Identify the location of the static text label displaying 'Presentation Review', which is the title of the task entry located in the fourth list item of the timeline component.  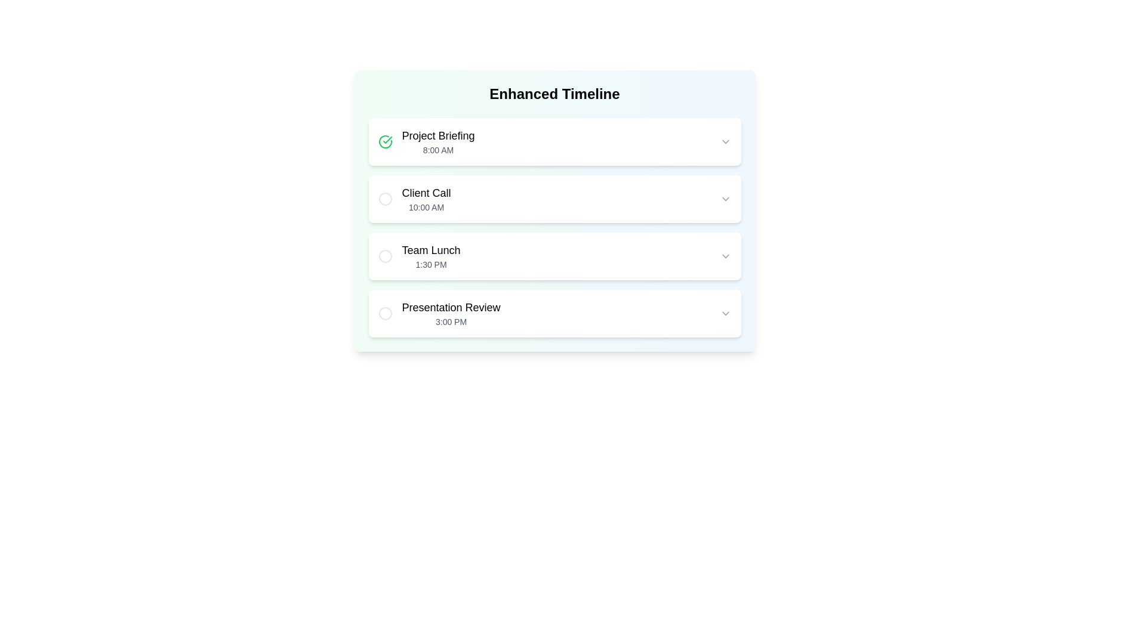
(451, 307).